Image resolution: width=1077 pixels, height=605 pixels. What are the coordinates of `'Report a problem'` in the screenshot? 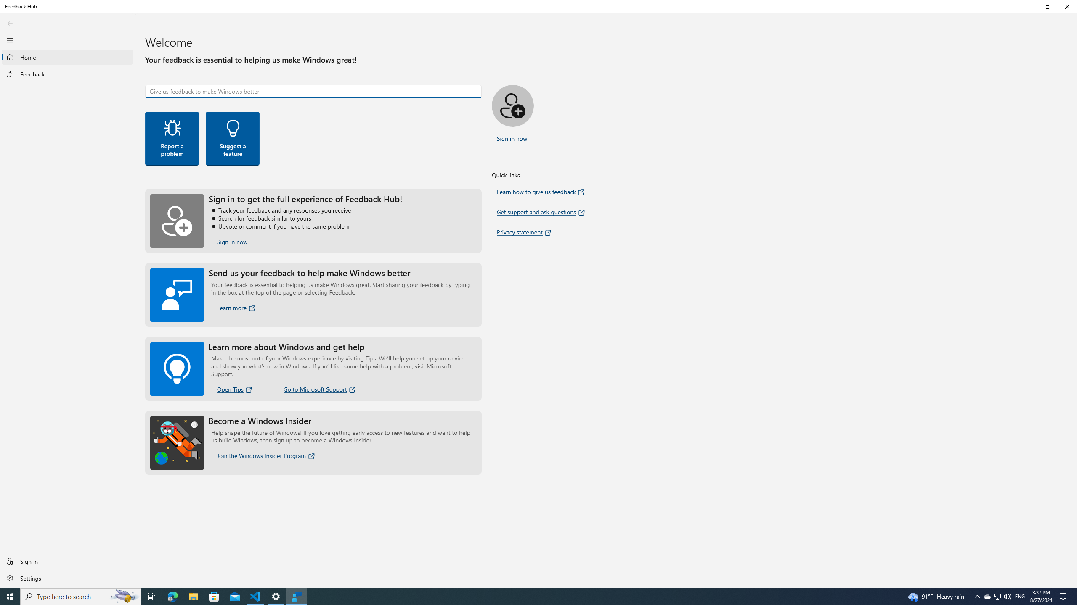 It's located at (172, 138).